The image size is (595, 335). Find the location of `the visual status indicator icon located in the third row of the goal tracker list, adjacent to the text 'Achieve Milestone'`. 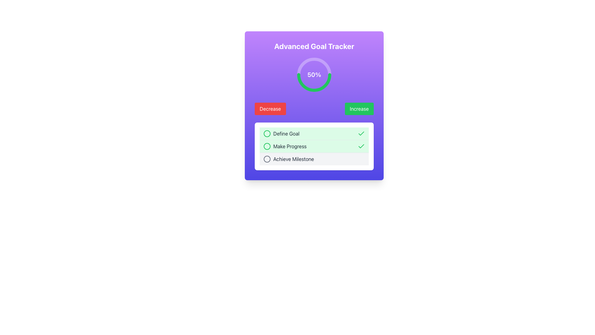

the visual status indicator icon located in the third row of the goal tracker list, adjacent to the text 'Achieve Milestone' is located at coordinates (267, 159).